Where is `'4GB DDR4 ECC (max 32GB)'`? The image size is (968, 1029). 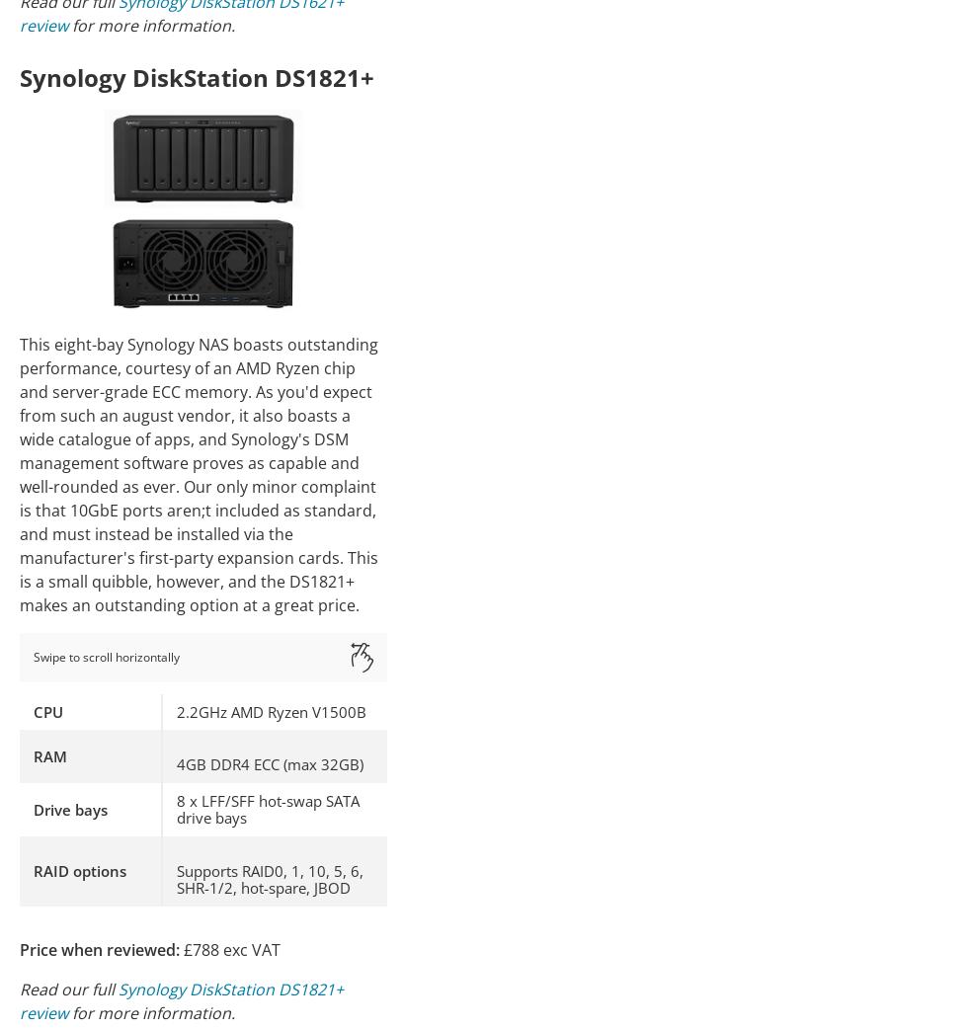
'4GB DDR4 ECC (max 32GB)' is located at coordinates (177, 762).